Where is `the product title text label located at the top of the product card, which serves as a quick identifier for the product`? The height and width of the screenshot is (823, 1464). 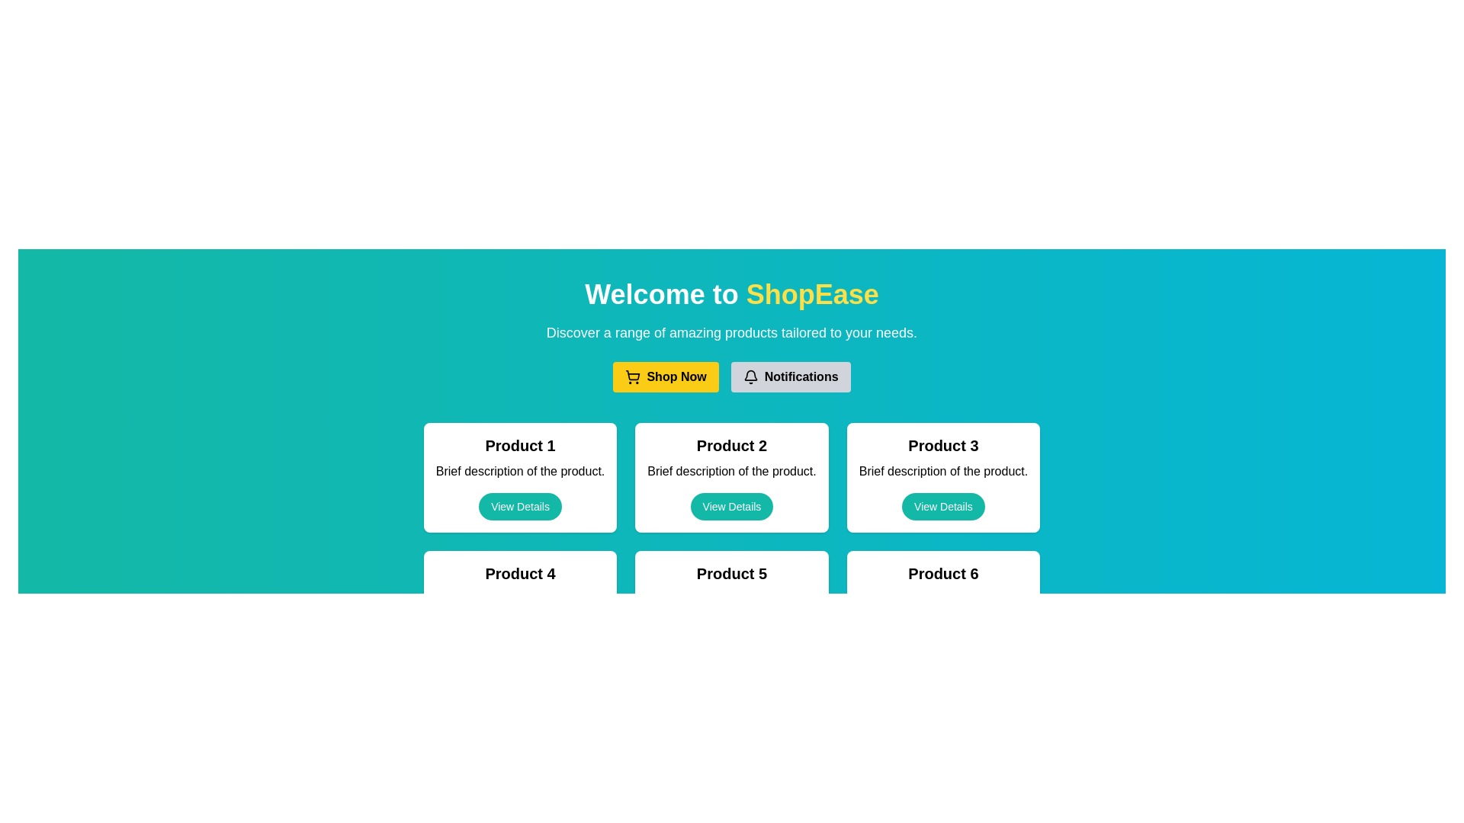 the product title text label located at the top of the product card, which serves as a quick identifier for the product is located at coordinates (520, 446).